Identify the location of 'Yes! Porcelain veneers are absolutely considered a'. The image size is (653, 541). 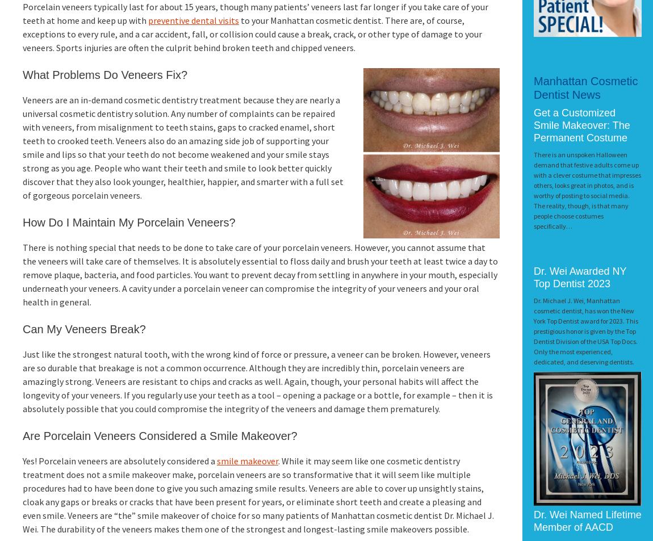
(119, 460).